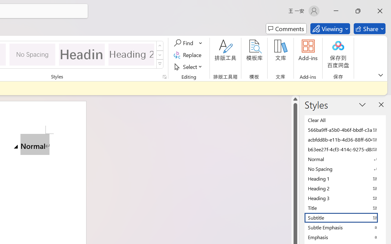 Image resolution: width=391 pixels, height=244 pixels. Describe the element at coordinates (345, 227) in the screenshot. I see `'Subtle Emphasis'` at that location.